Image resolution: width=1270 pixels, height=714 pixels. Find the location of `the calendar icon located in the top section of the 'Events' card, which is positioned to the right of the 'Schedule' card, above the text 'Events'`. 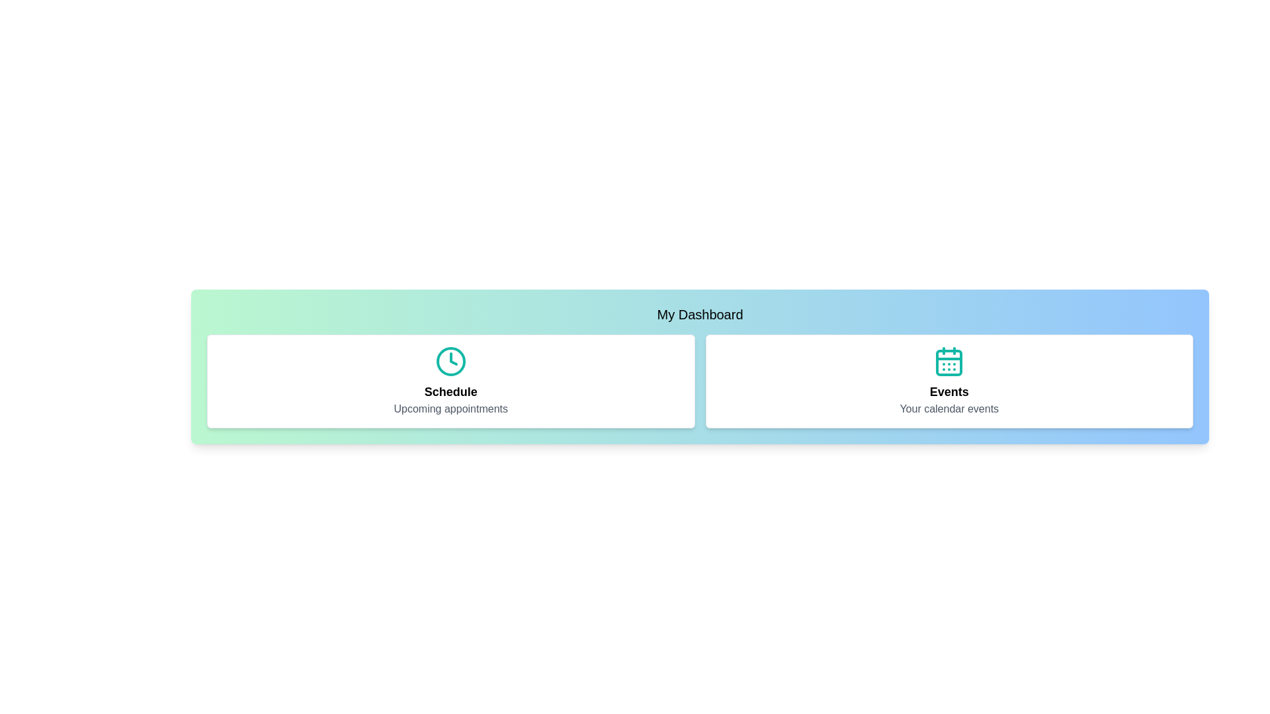

the calendar icon located in the top section of the 'Events' card, which is positioned to the right of the 'Schedule' card, above the text 'Events' is located at coordinates (949, 362).